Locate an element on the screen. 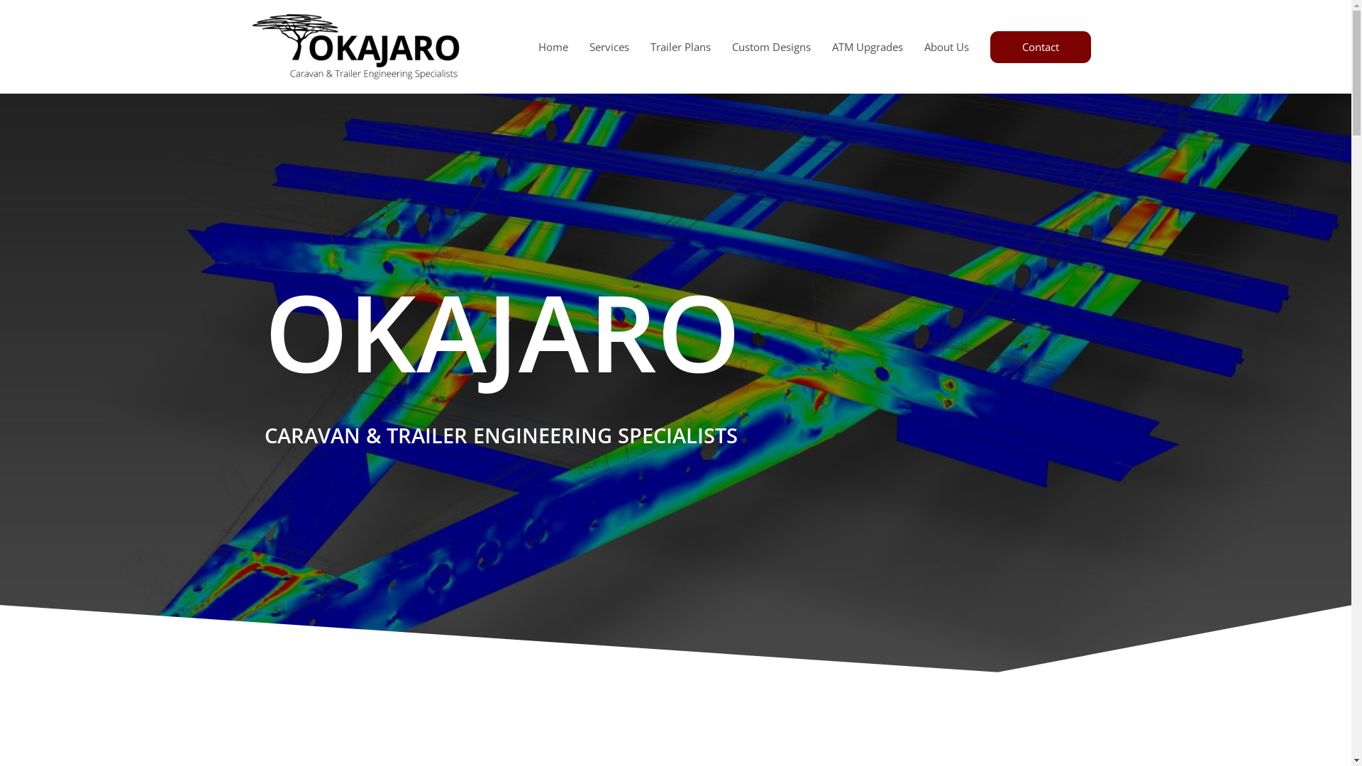  'Home' is located at coordinates (552, 45).